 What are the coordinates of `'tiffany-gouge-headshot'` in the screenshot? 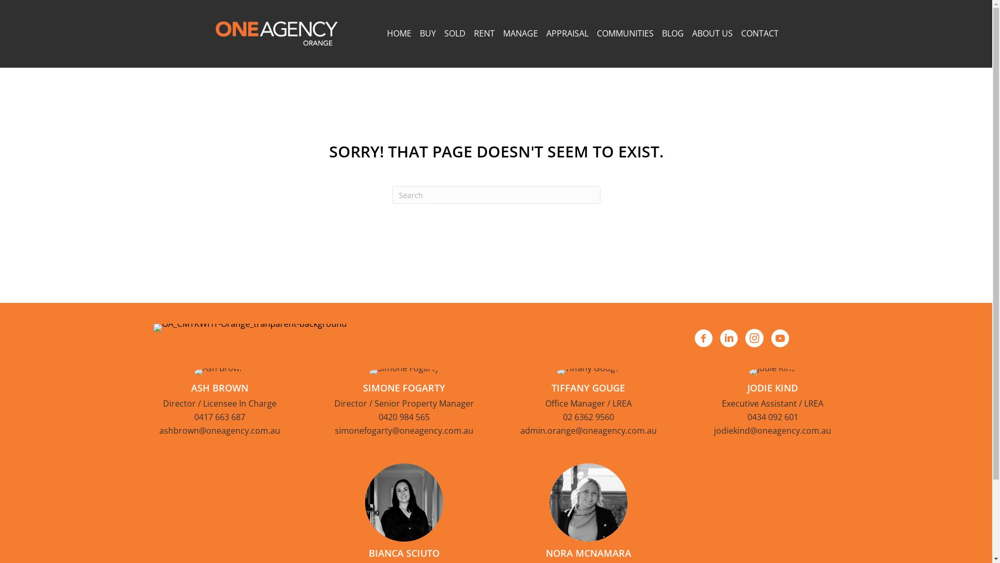 It's located at (556, 371).